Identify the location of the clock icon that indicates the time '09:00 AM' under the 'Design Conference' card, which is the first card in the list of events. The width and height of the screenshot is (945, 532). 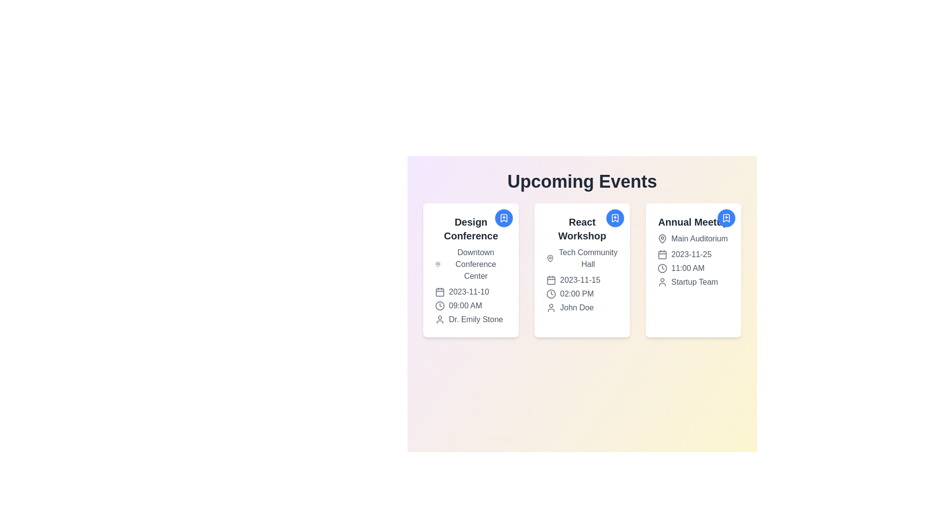
(439, 305).